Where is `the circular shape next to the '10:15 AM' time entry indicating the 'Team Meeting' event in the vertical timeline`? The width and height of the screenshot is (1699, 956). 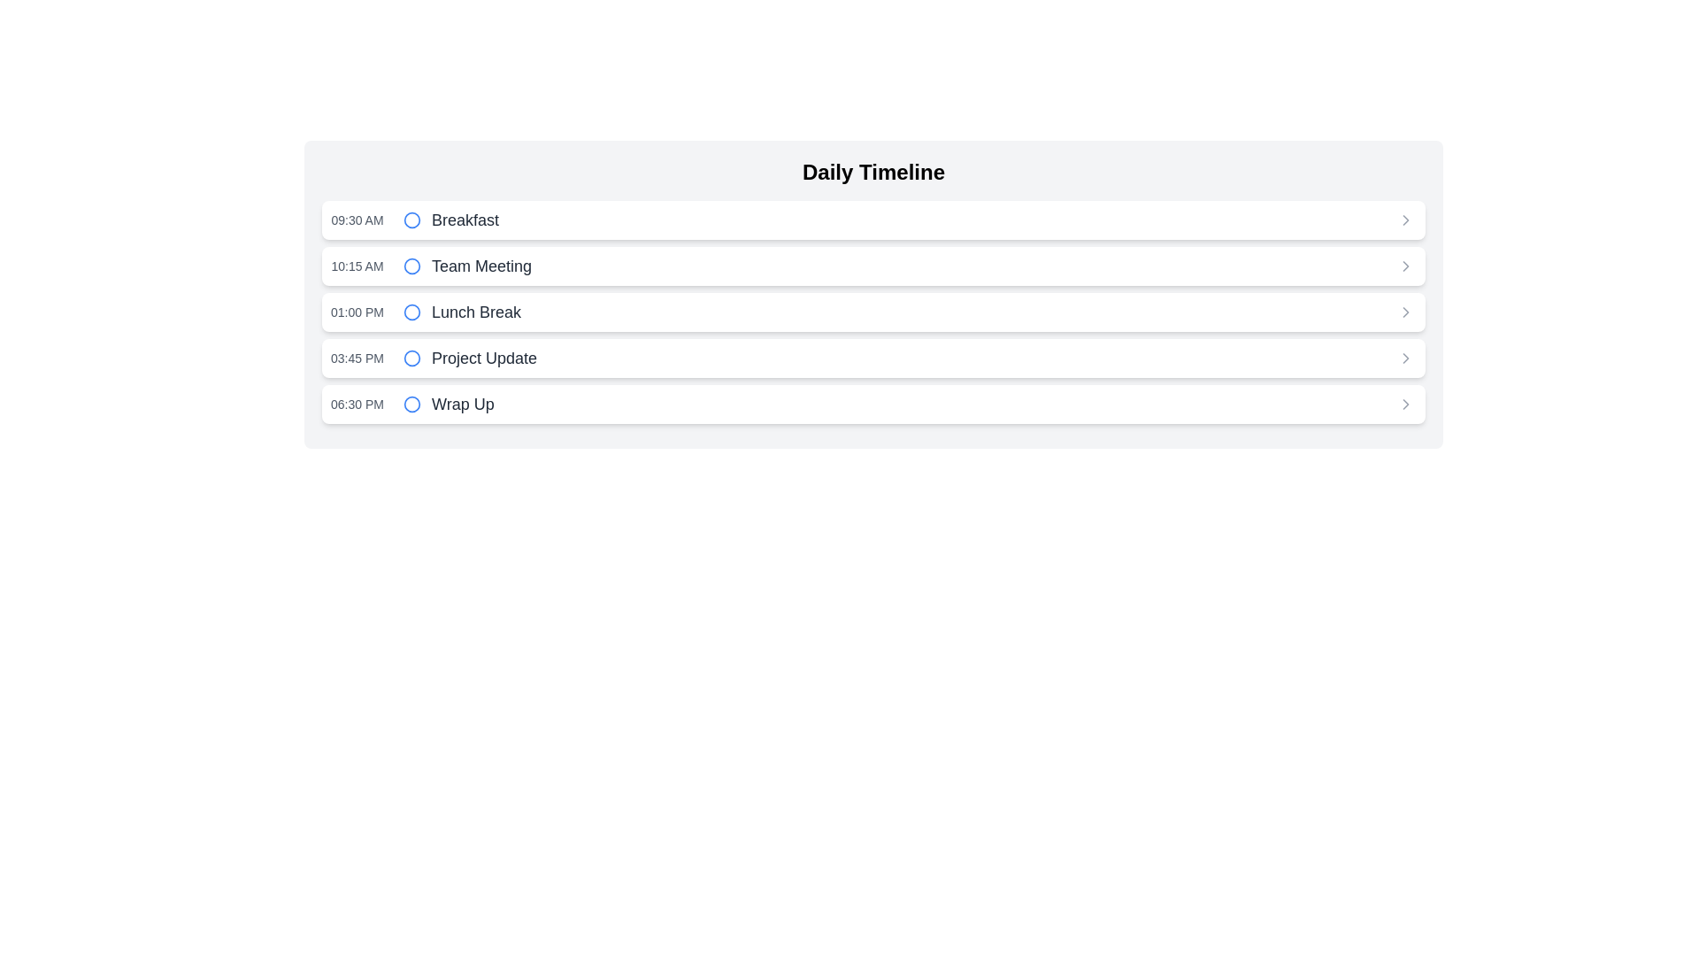 the circular shape next to the '10:15 AM' time entry indicating the 'Team Meeting' event in the vertical timeline is located at coordinates (411, 266).